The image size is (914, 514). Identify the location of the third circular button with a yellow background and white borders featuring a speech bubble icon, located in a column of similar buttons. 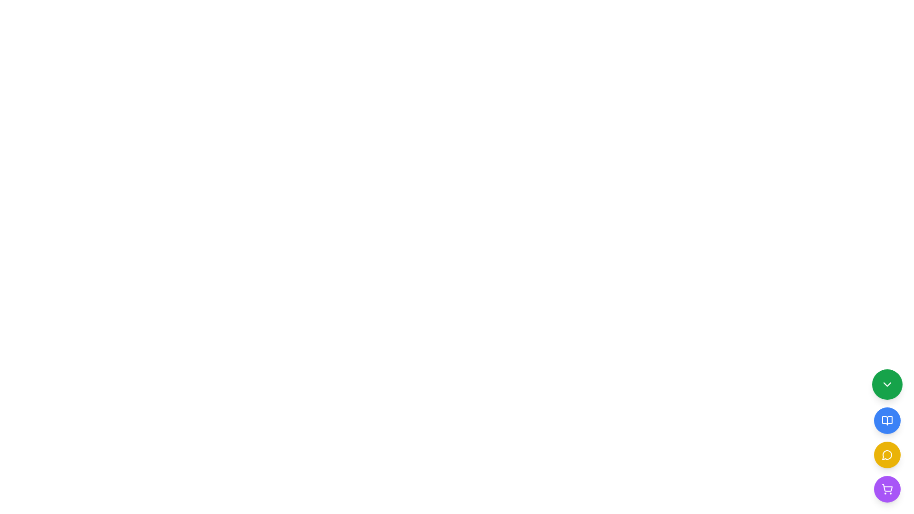
(886, 455).